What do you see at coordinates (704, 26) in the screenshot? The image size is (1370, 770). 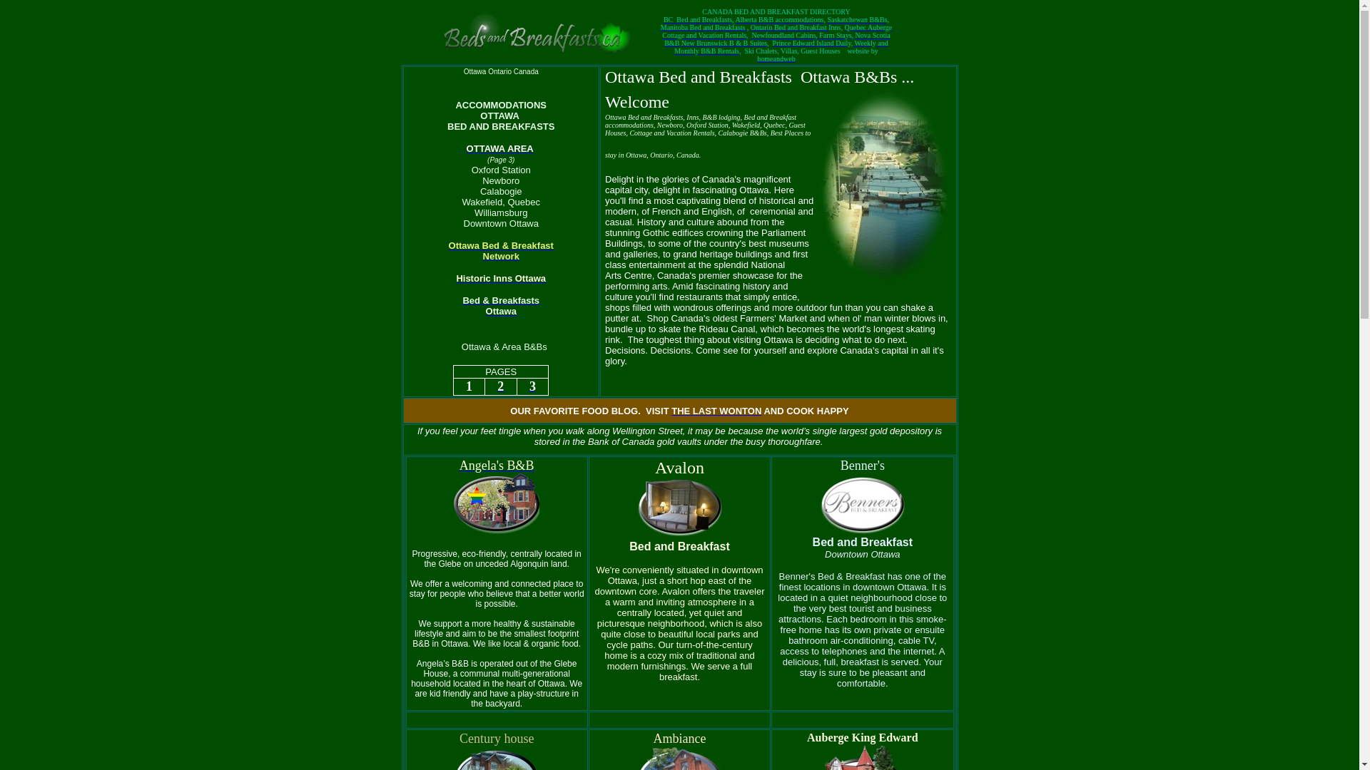 I see `'Manitoba Bed and Breakfasts'` at bounding box center [704, 26].